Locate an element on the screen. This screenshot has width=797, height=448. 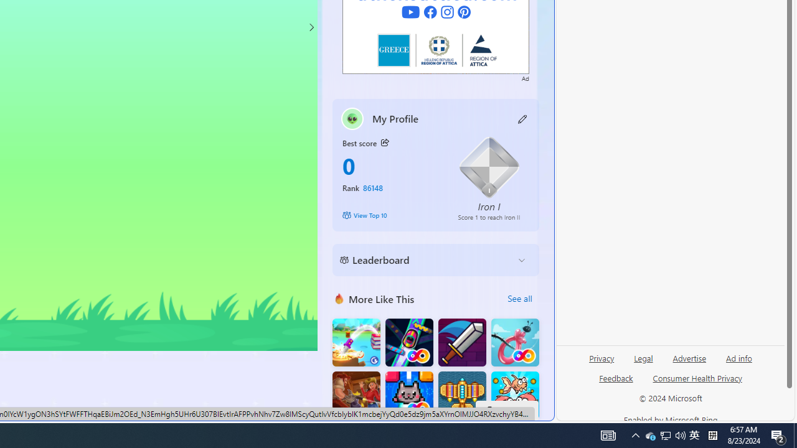
'Leaderboard' is located at coordinates (426, 259).